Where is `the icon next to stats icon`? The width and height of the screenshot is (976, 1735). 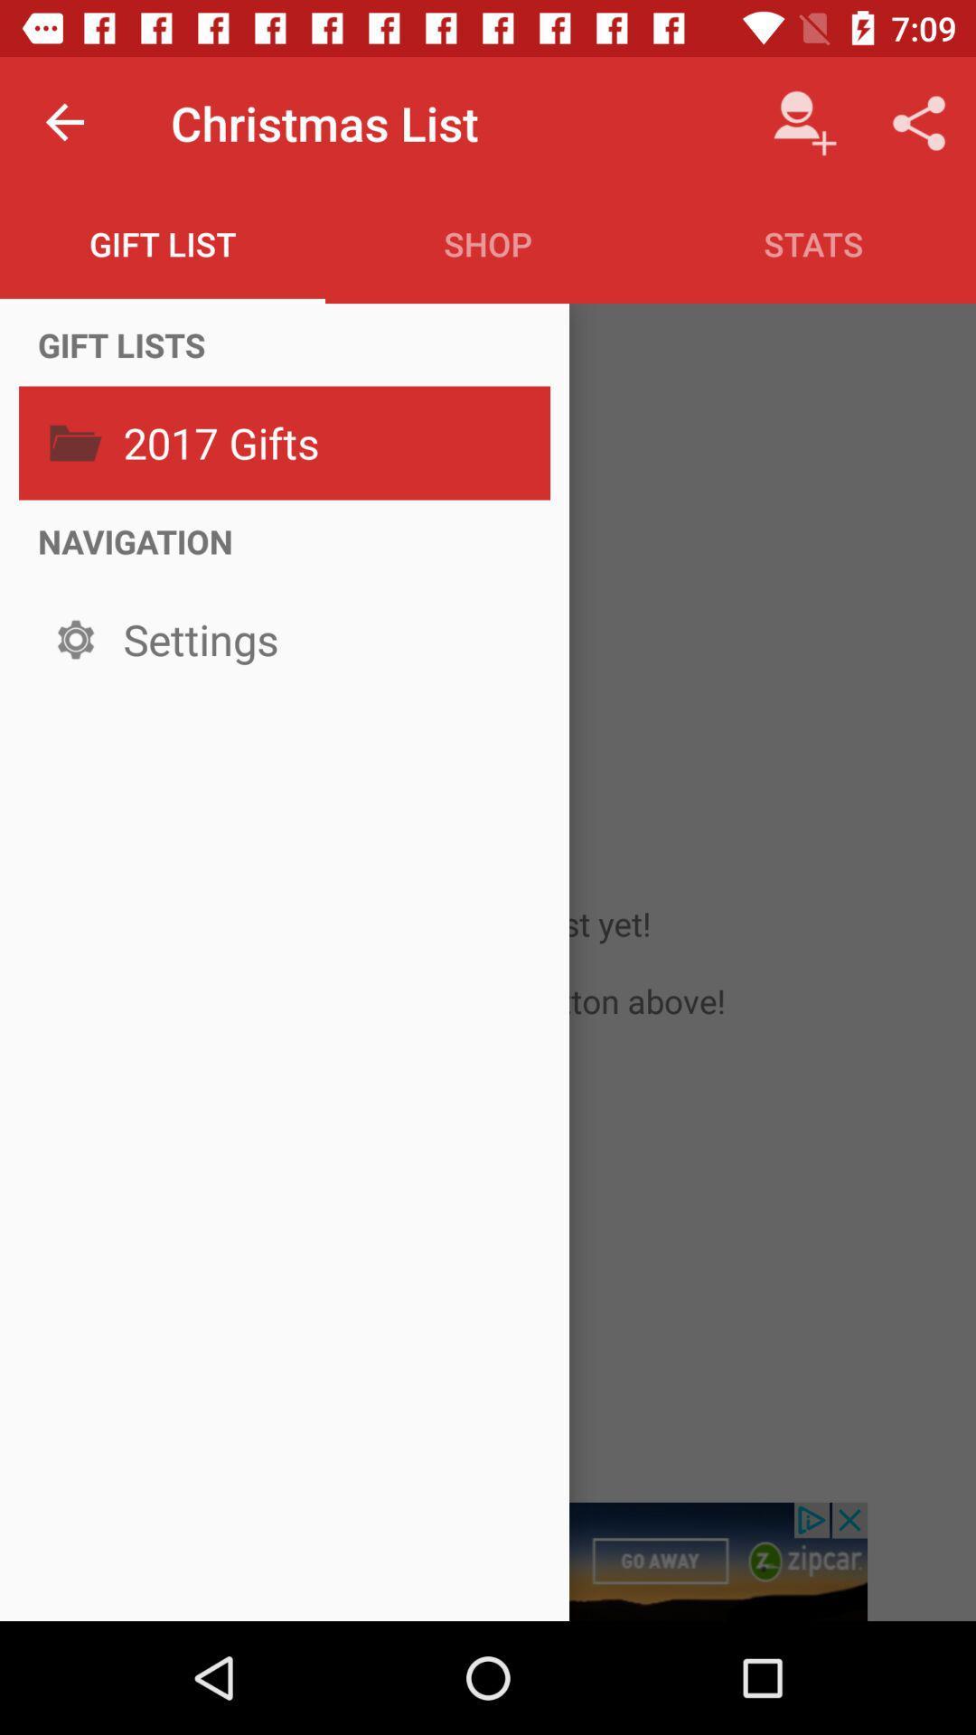 the icon next to stats icon is located at coordinates (488, 243).